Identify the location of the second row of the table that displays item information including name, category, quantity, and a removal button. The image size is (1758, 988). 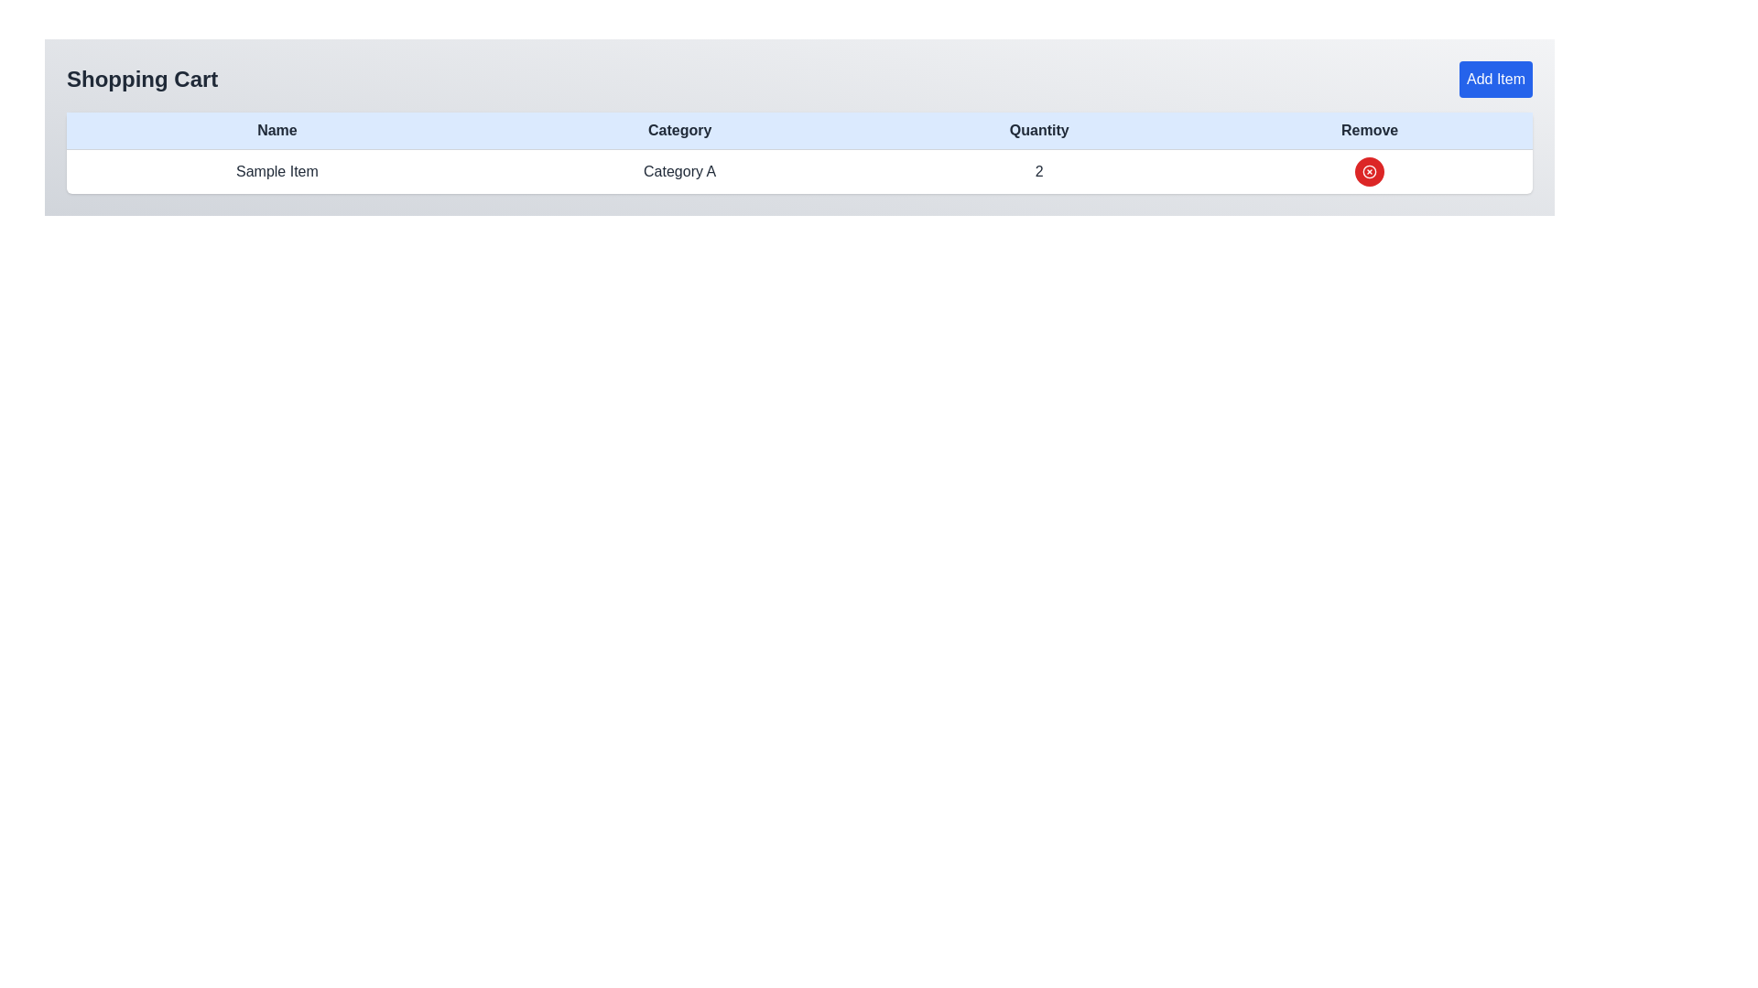
(799, 171).